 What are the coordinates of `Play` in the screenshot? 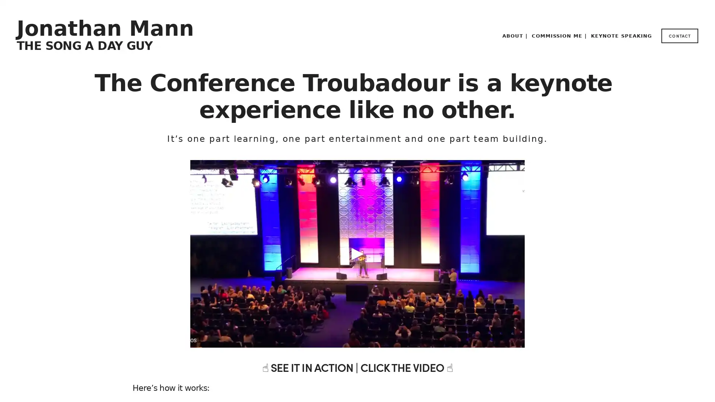 It's located at (357, 253).